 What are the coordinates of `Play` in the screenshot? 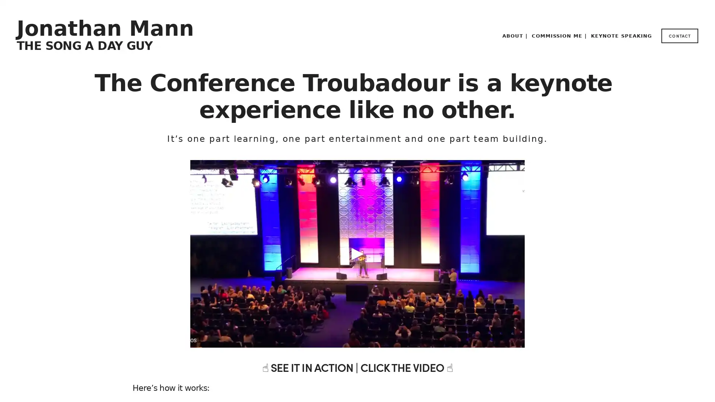 It's located at (357, 253).